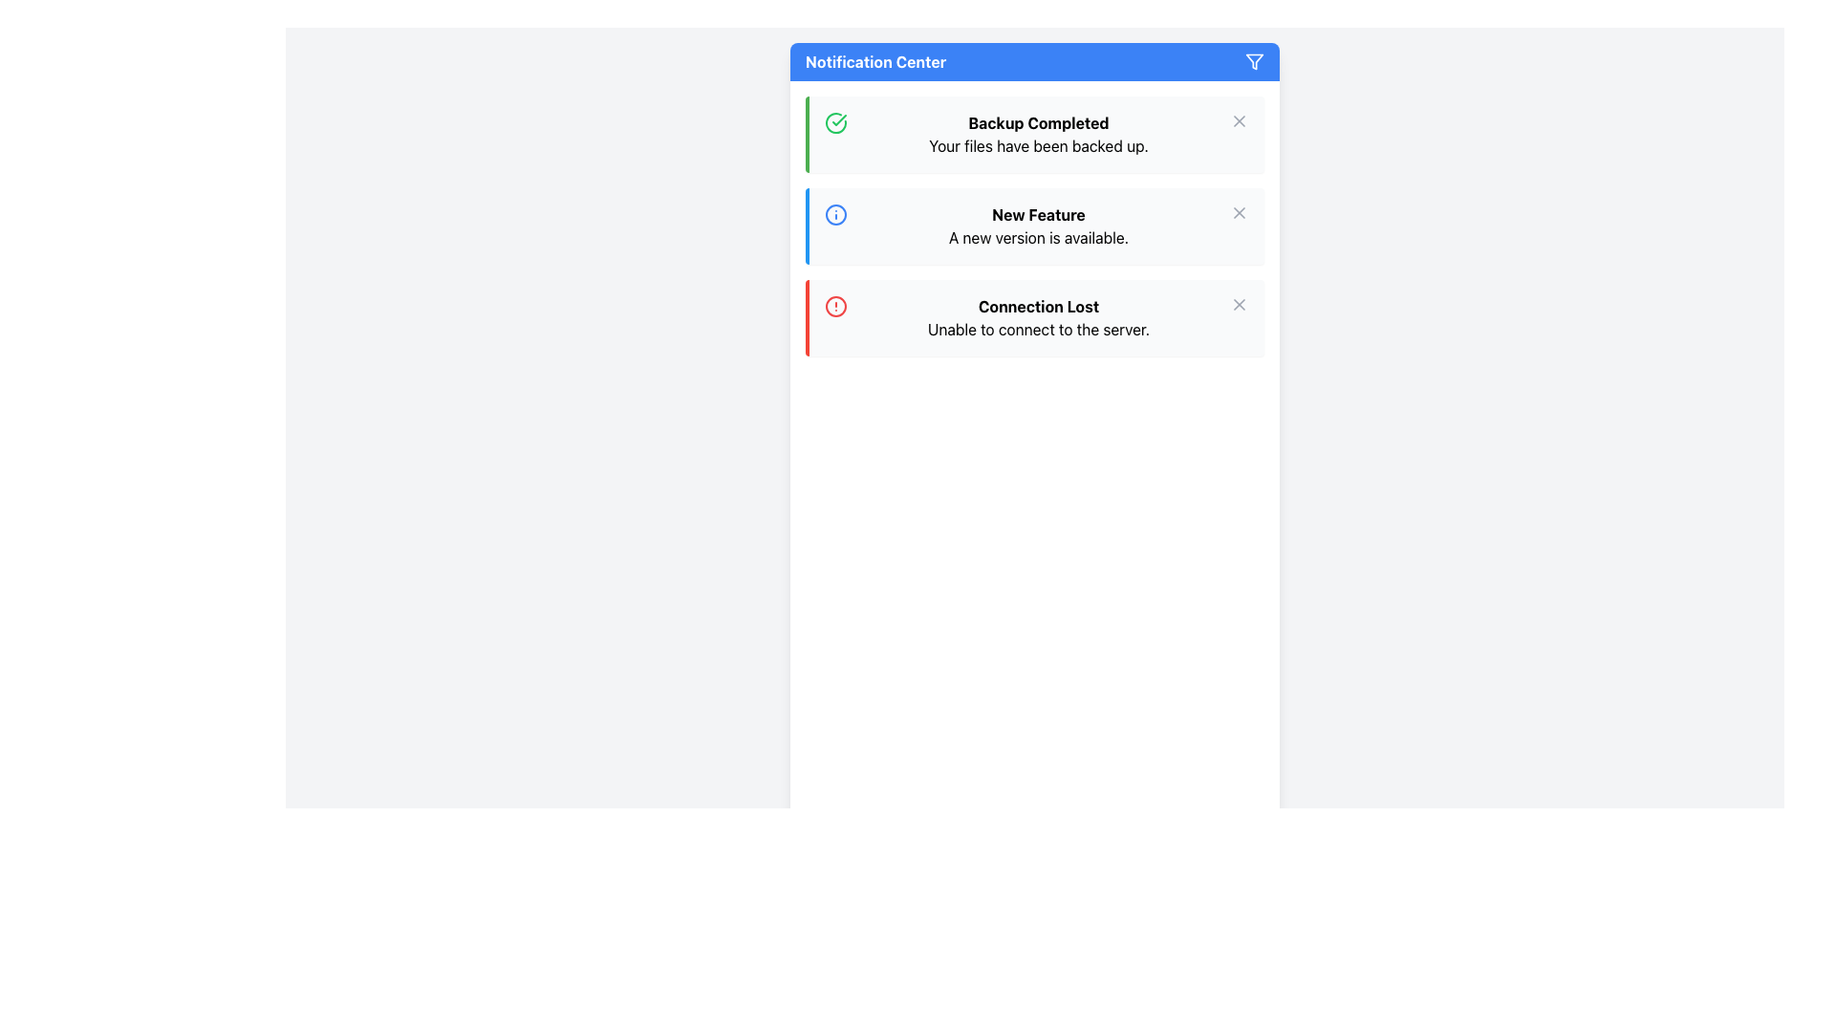  Describe the element at coordinates (839, 120) in the screenshot. I see `the checkmark icon within the 'Backup Completed' notification card, which is styled with a green stroke and located on the left side of the notification` at that location.